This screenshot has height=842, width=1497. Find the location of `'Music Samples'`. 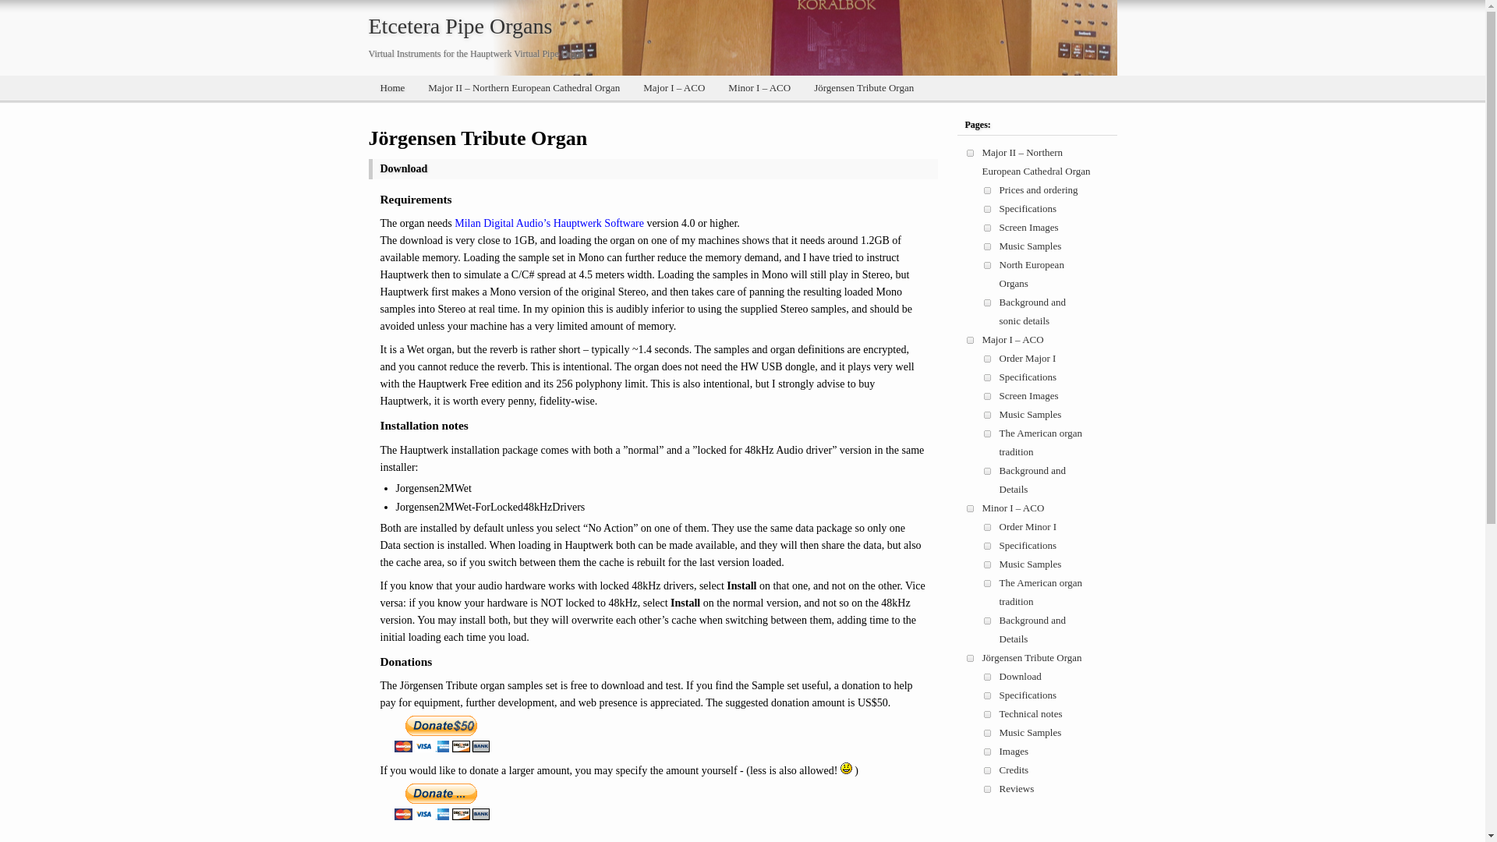

'Music Samples' is located at coordinates (1030, 564).